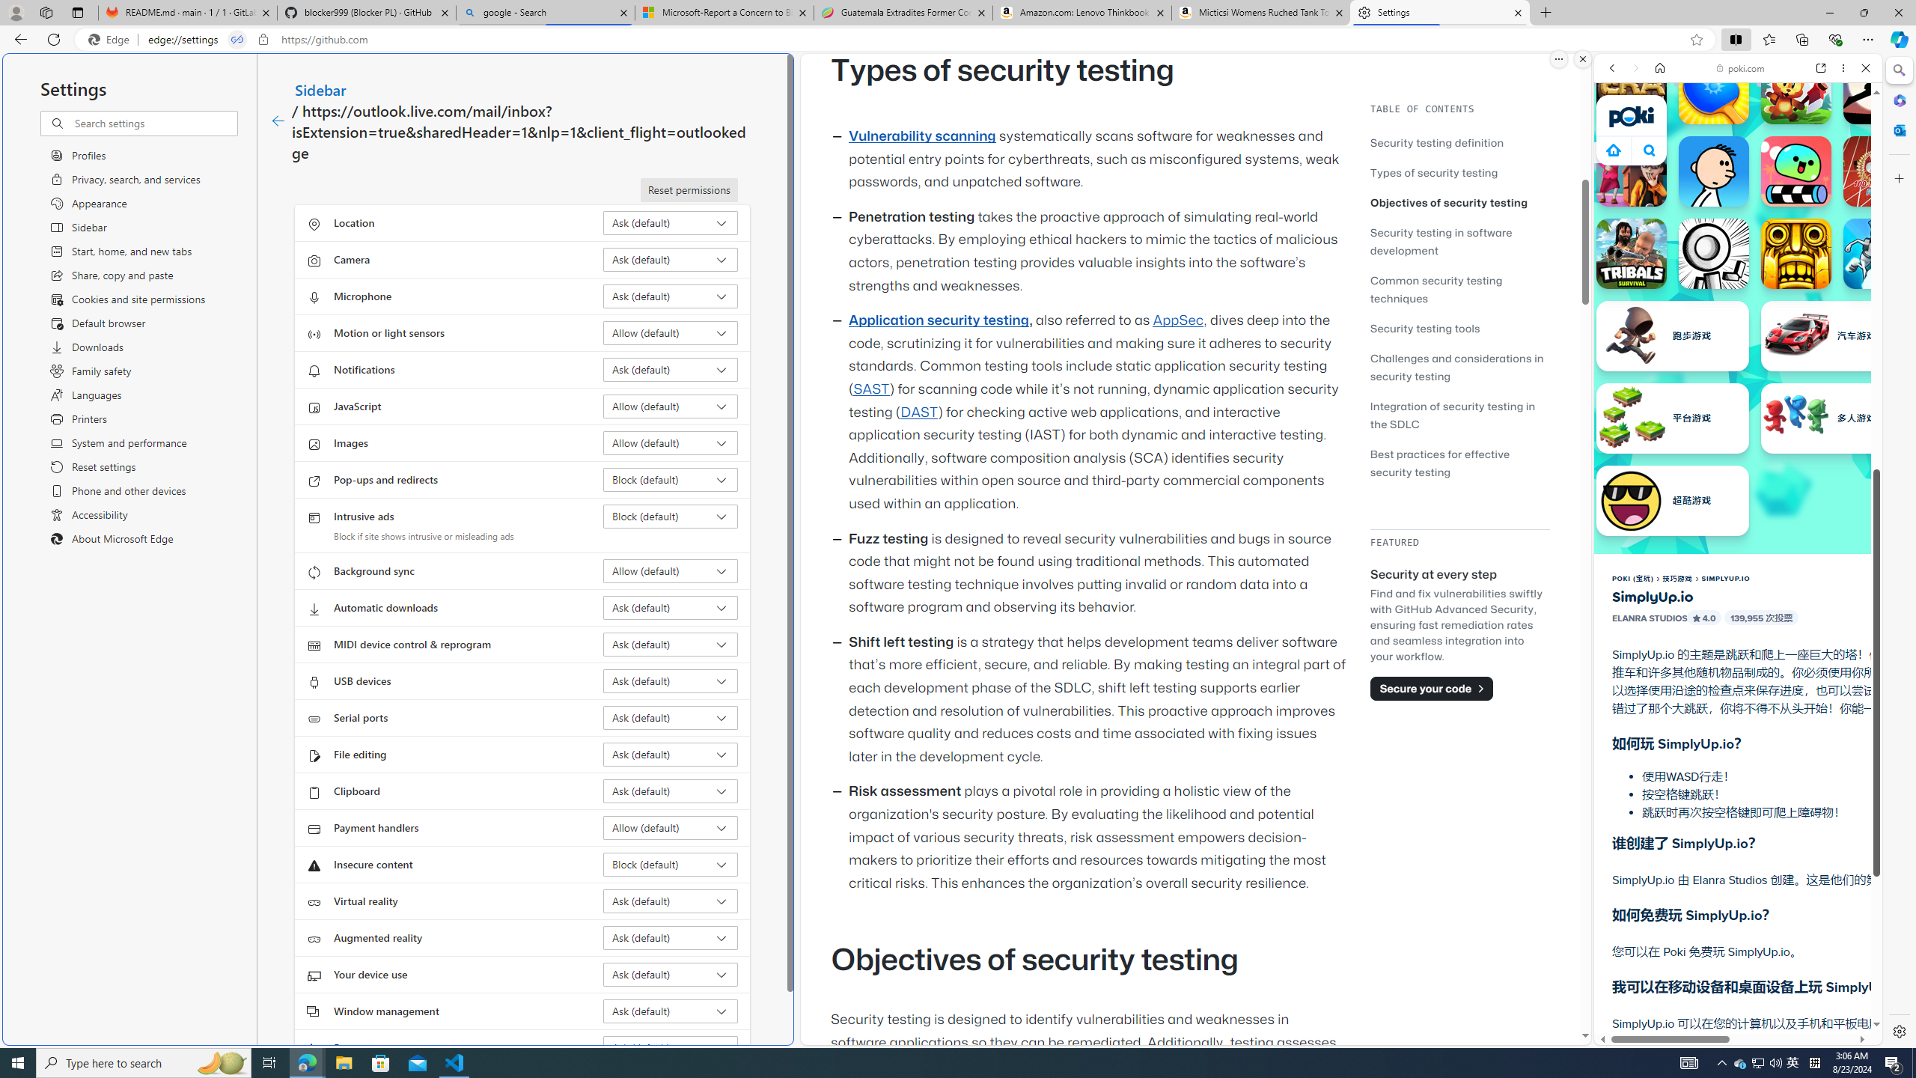 The height and width of the screenshot is (1078, 1916). What do you see at coordinates (1456, 367) in the screenshot?
I see `'Challenges and considerations in security testing'` at bounding box center [1456, 367].